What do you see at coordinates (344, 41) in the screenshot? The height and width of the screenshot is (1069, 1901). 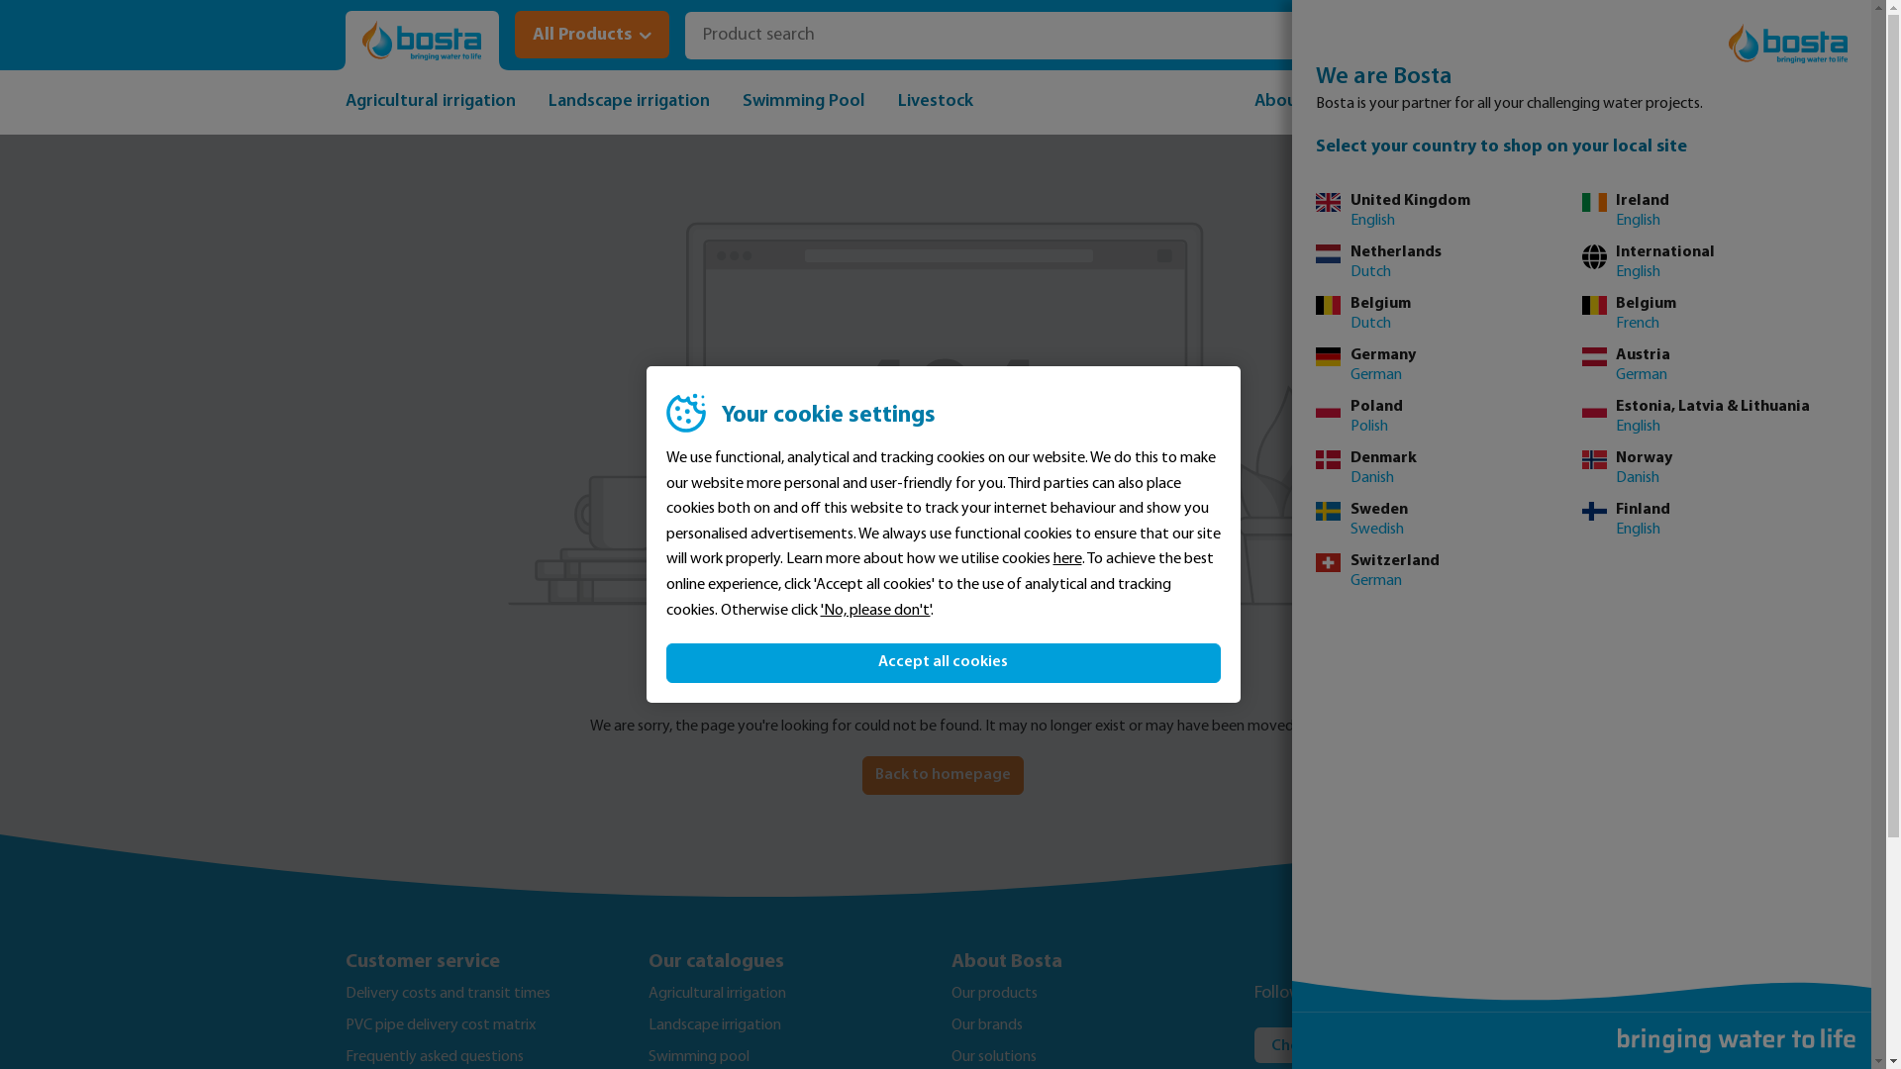 I see `'Go to homepage'` at bounding box center [344, 41].